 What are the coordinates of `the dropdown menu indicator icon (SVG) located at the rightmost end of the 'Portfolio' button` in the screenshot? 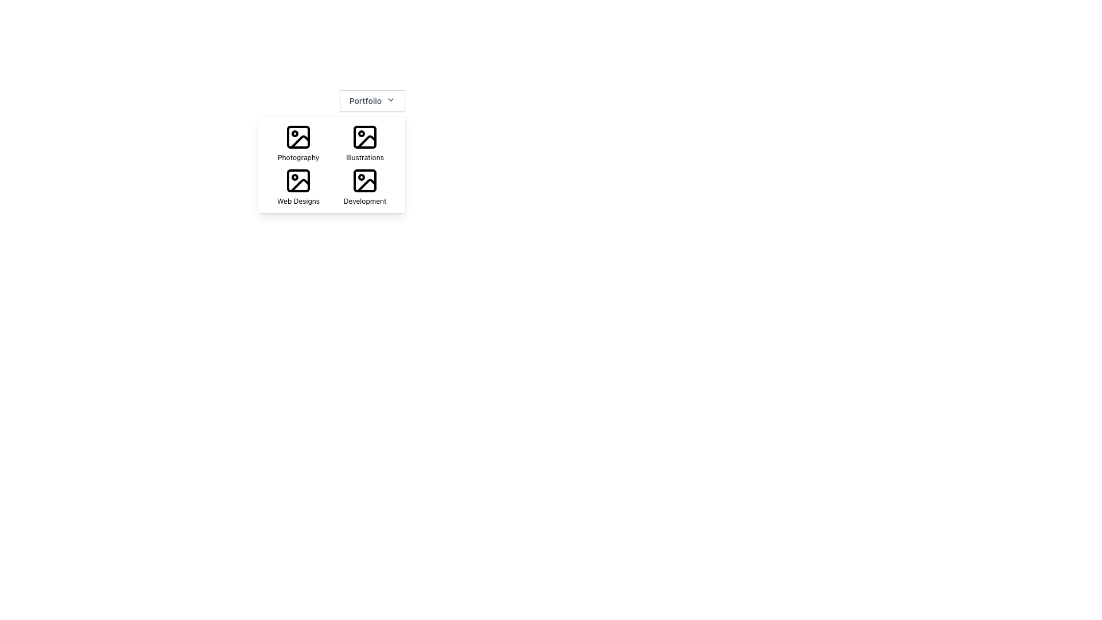 It's located at (391, 99).